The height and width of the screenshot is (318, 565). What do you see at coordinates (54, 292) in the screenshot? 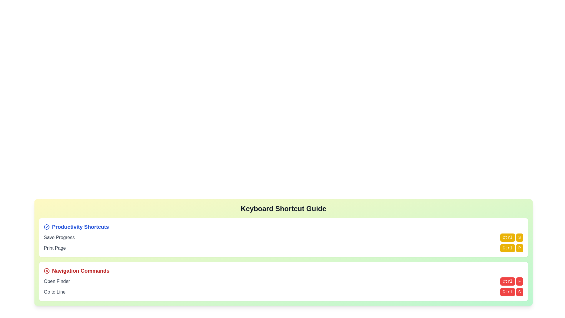
I see `the 'Go to Line' text label, which is displayed in dark gray below the 'Navigation Commands' header` at bounding box center [54, 292].